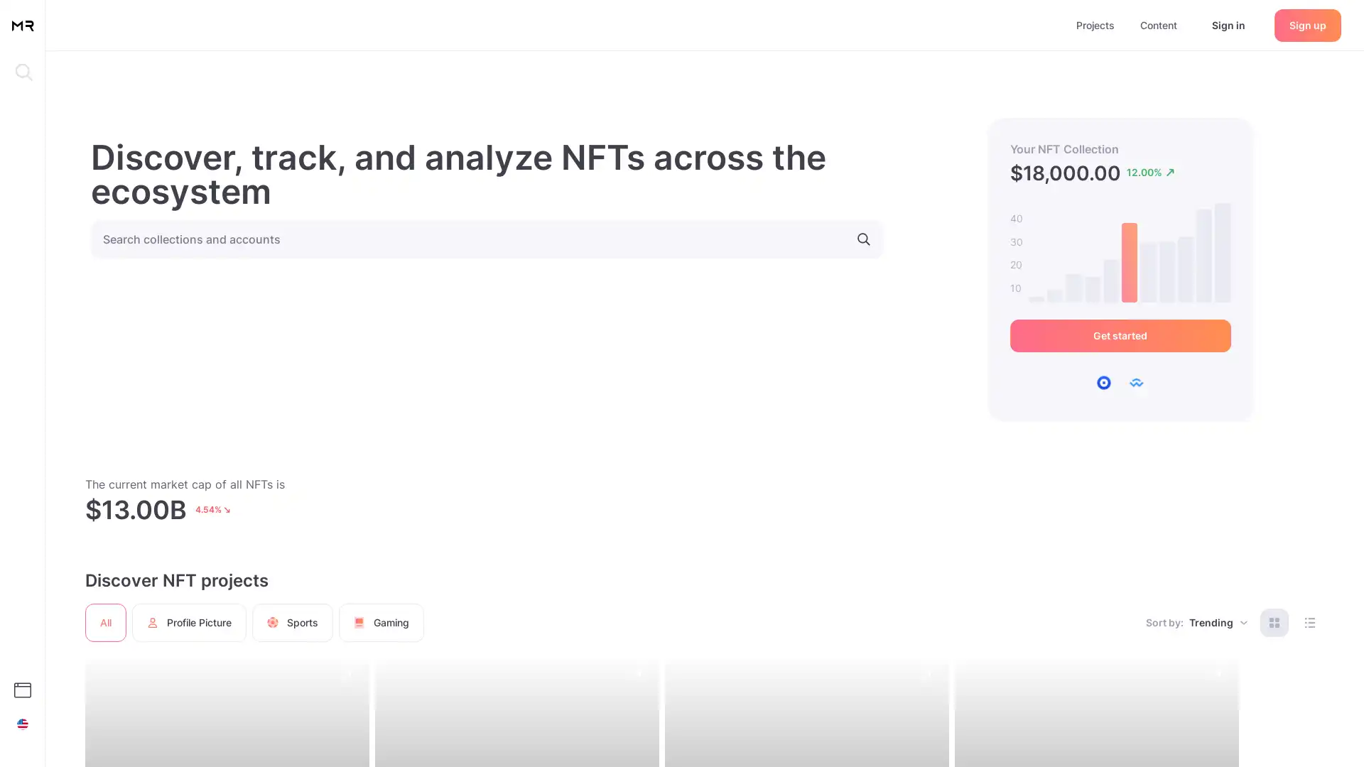  Describe the element at coordinates (1119, 336) in the screenshot. I see `Get started` at that location.